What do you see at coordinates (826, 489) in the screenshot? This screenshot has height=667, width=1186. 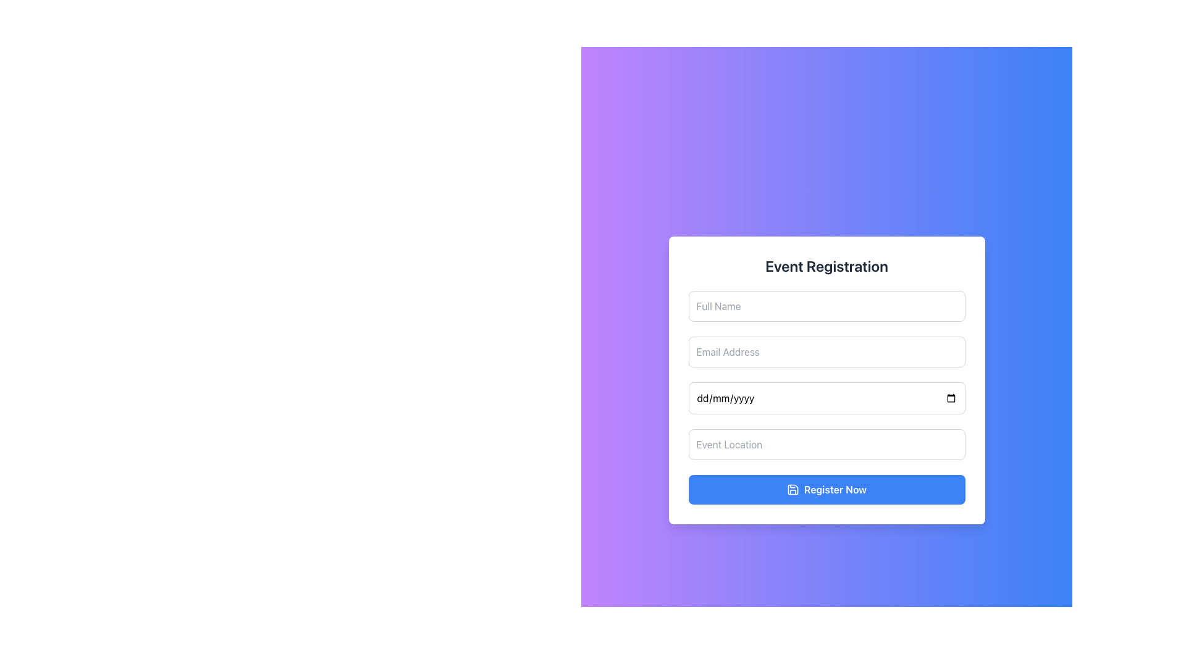 I see `the submission button located at the bottom of the 'Event Registration' form` at bounding box center [826, 489].